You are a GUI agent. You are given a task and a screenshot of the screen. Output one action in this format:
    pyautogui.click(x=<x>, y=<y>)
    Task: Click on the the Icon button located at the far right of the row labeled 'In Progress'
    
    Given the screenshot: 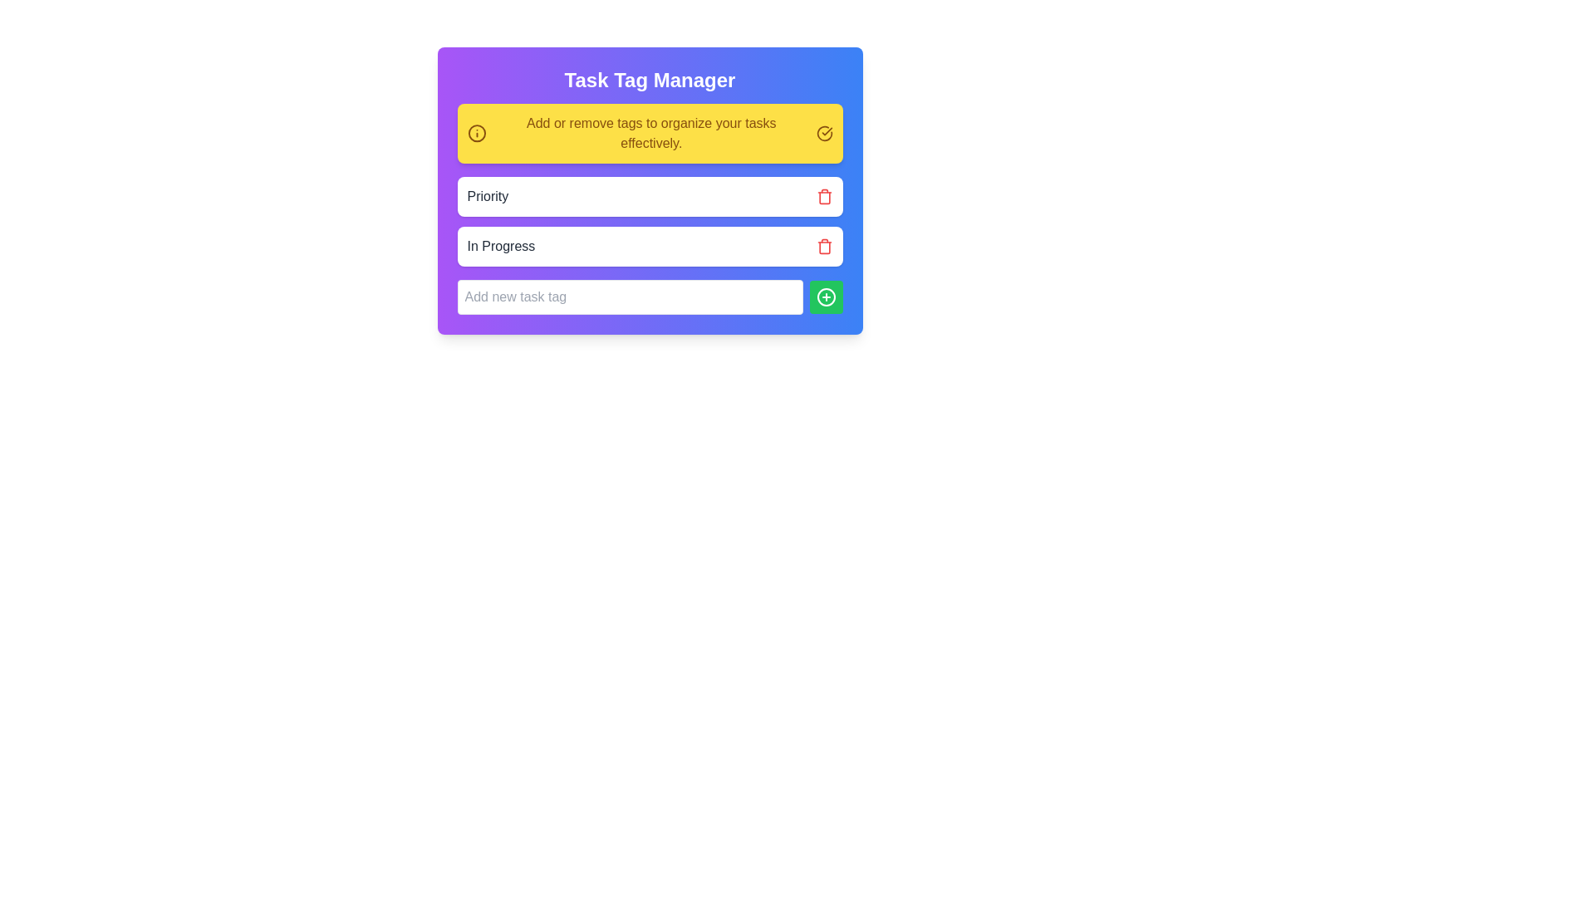 What is the action you would take?
    pyautogui.click(x=824, y=247)
    